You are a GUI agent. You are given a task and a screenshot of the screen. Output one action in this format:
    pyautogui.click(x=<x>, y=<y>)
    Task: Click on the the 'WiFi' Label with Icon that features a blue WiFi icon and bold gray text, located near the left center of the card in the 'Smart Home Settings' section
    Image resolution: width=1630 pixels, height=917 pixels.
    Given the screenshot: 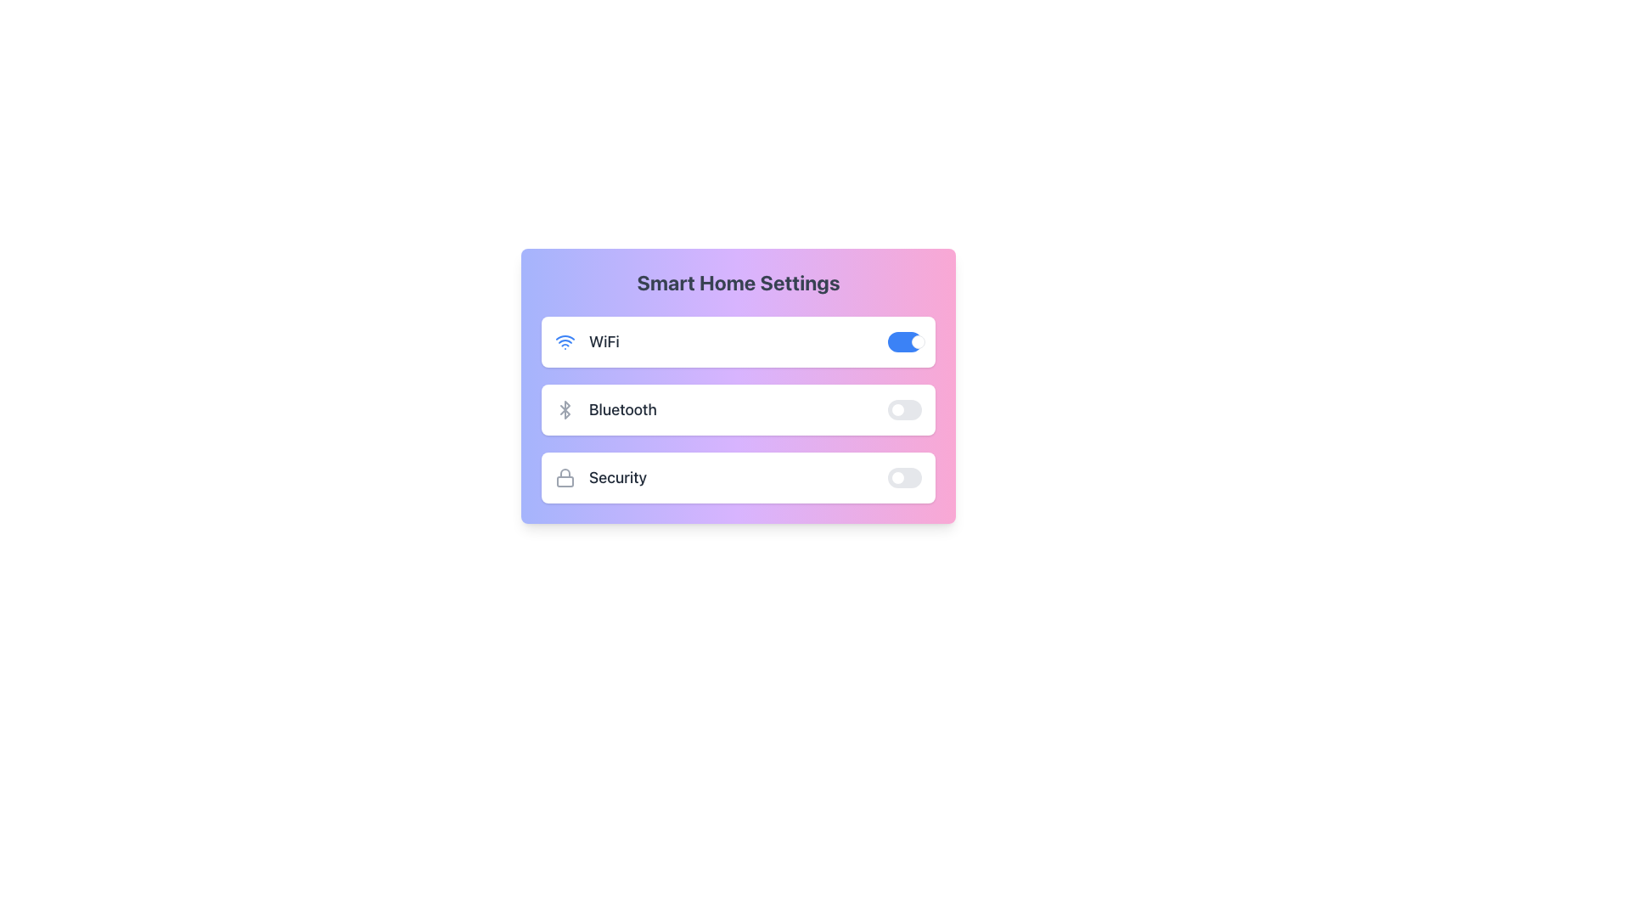 What is the action you would take?
    pyautogui.click(x=587, y=341)
    